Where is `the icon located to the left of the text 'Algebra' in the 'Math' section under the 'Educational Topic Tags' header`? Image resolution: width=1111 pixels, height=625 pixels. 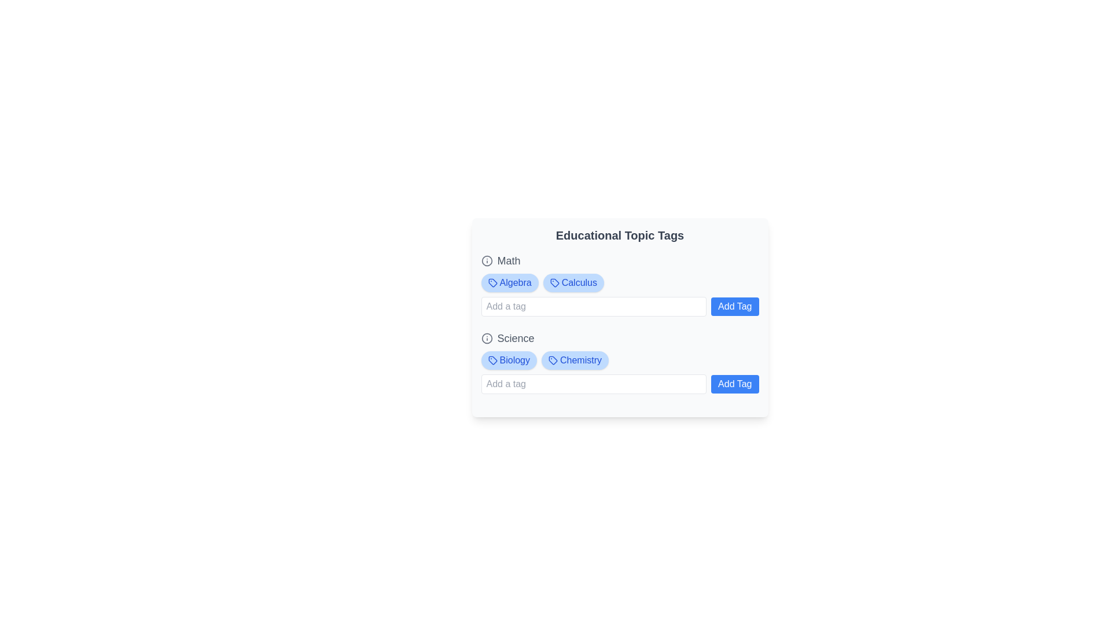 the icon located to the left of the text 'Algebra' in the 'Math' section under the 'Educational Topic Tags' header is located at coordinates (492, 283).